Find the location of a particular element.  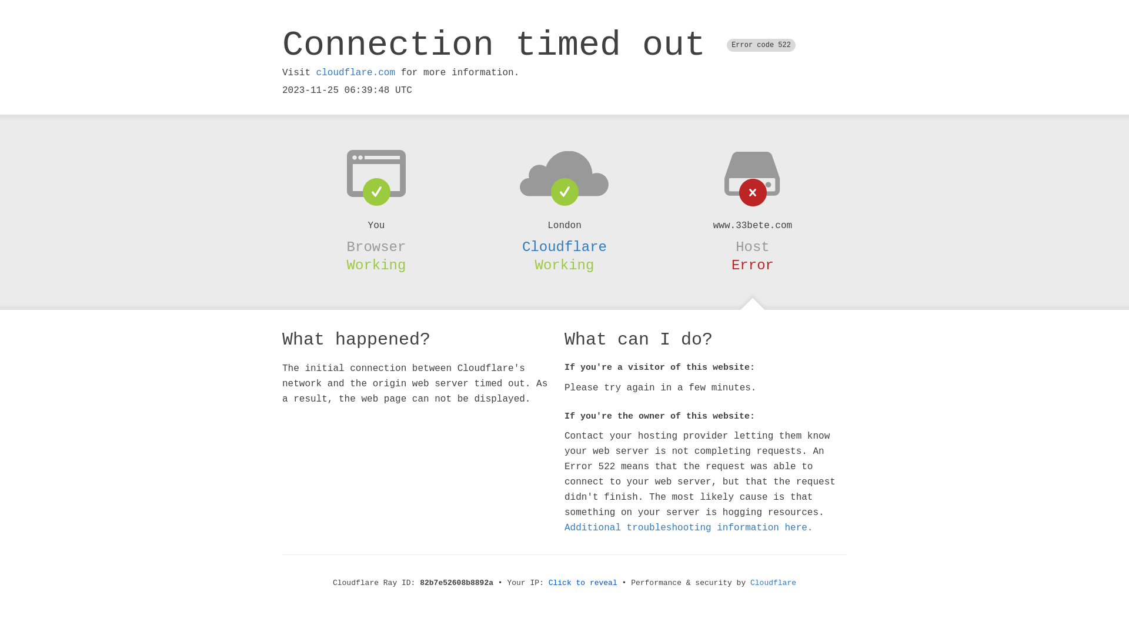

'Click to reveal' is located at coordinates (583, 583).